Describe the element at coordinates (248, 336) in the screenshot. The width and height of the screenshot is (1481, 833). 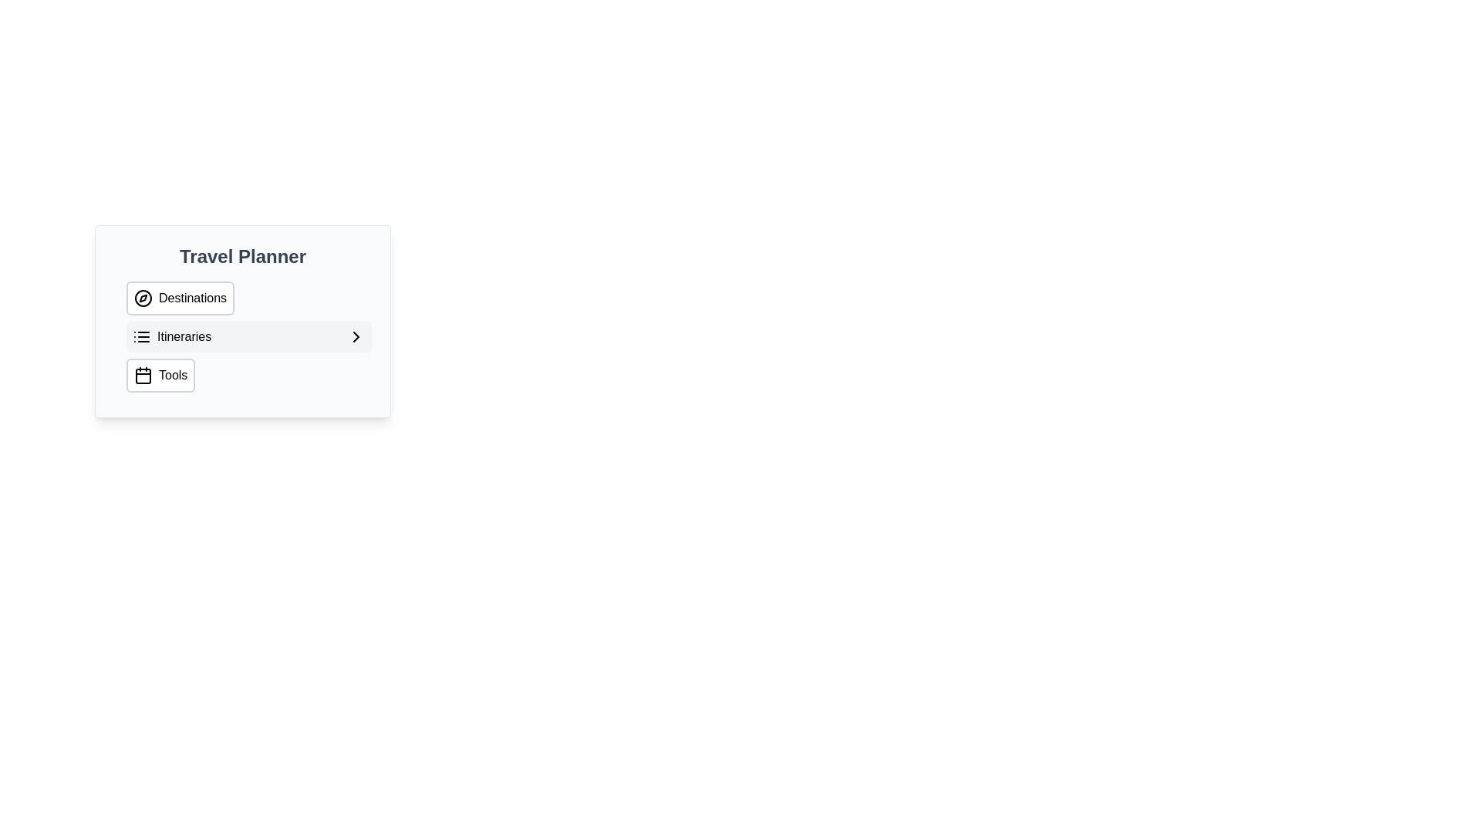
I see `the 'Itineraries' button located in the 'Travel Planner' panel, which is the second button in a vertical list of three, beneath the 'Destinations' button` at that location.